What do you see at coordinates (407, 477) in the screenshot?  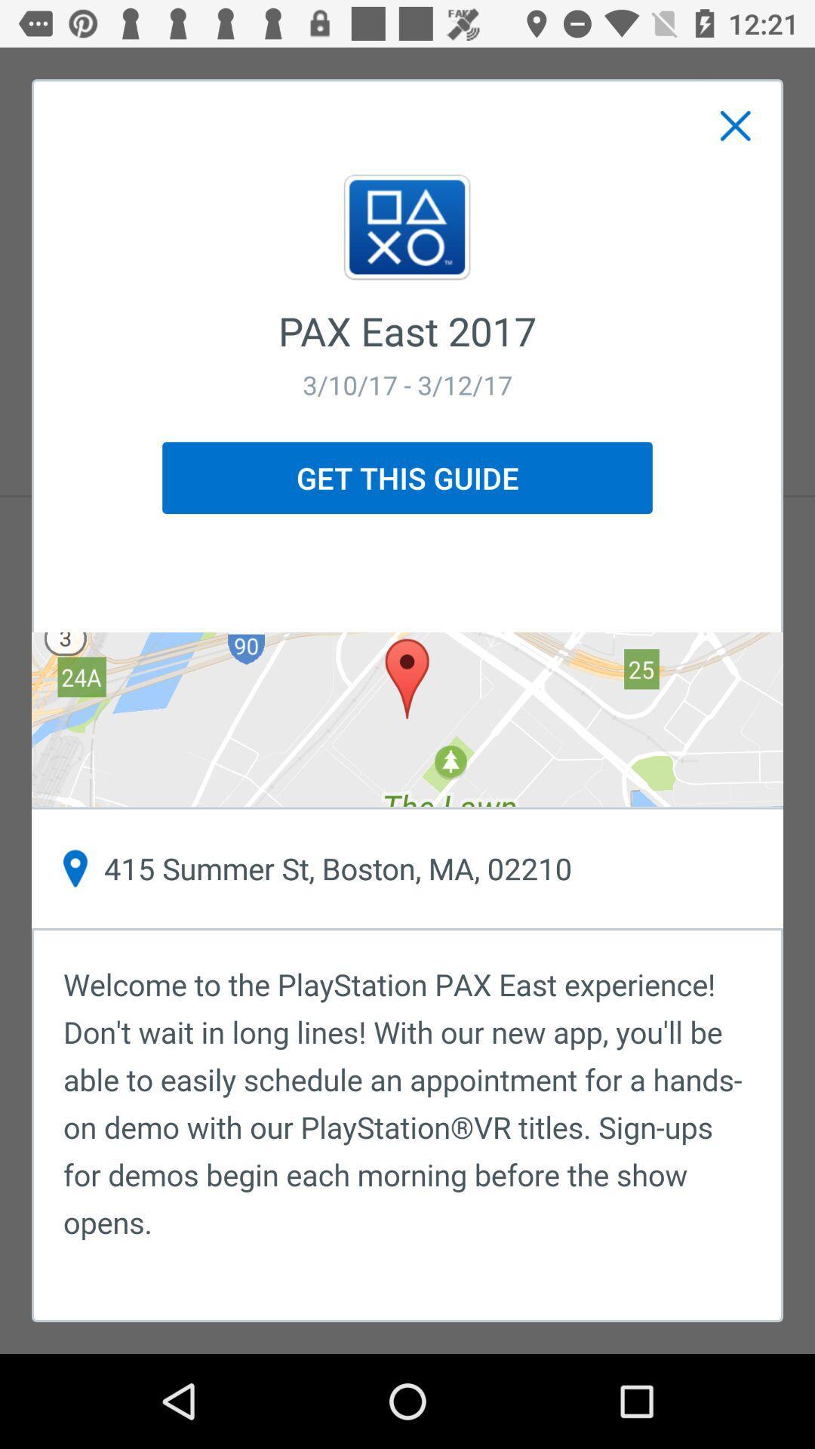 I see `icon below 3 10 17 icon` at bounding box center [407, 477].